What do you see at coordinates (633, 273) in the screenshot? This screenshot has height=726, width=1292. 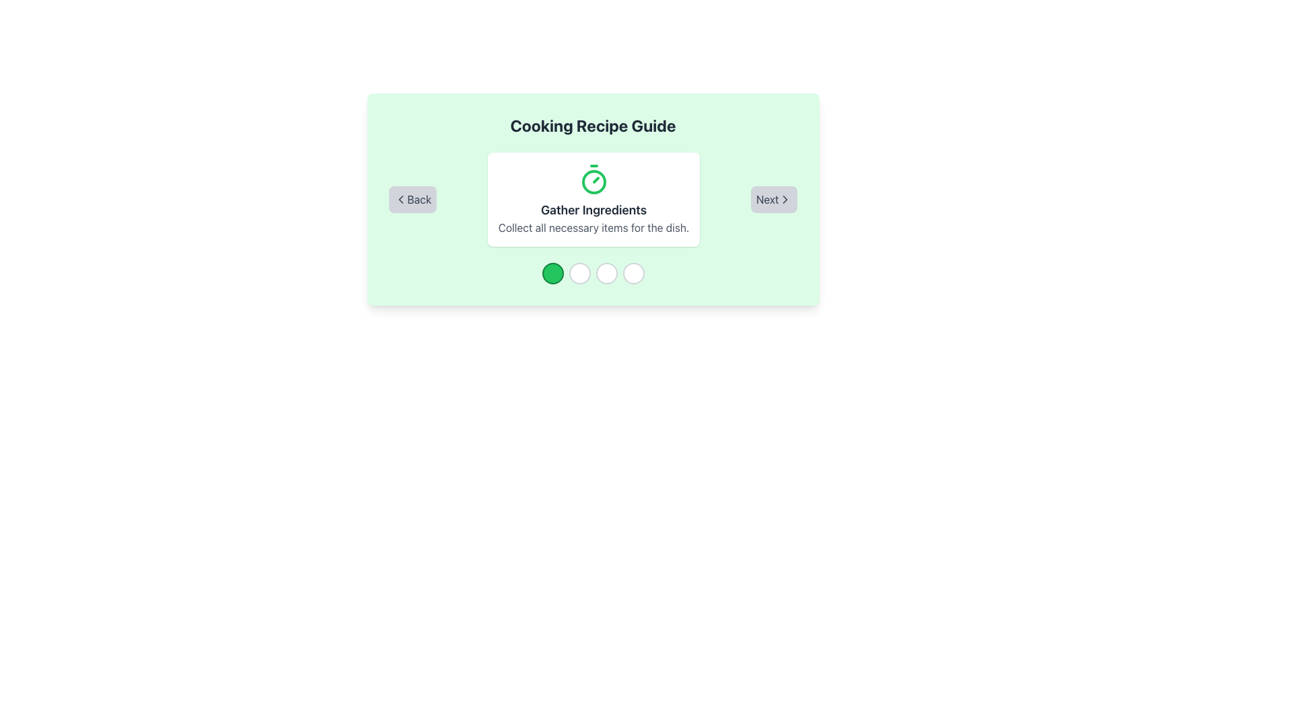 I see `the fourth circular progress indicator with a white background and gray border` at bounding box center [633, 273].